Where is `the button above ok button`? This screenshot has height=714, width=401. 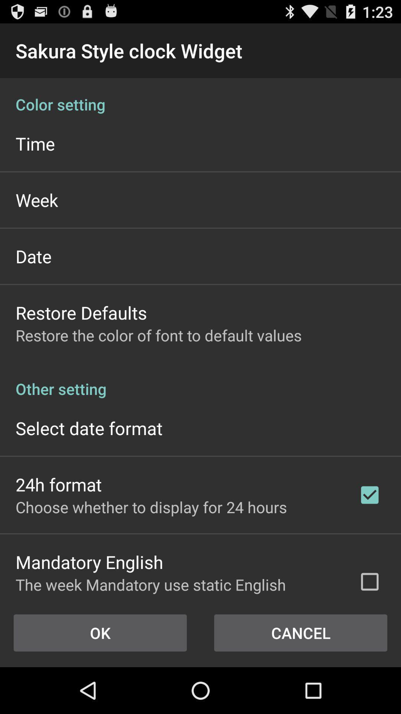 the button above ok button is located at coordinates (177, 586).